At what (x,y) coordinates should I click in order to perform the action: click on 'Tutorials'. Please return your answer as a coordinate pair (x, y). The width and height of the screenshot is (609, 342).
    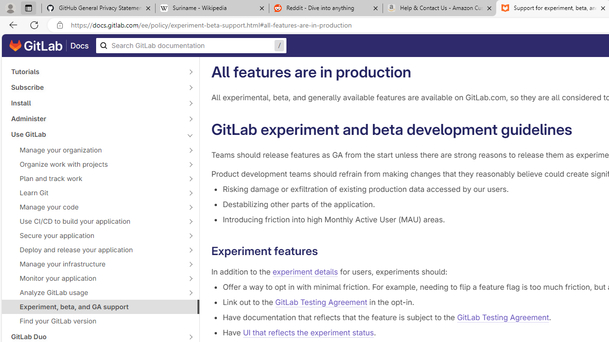
    Looking at the image, I should click on (95, 71).